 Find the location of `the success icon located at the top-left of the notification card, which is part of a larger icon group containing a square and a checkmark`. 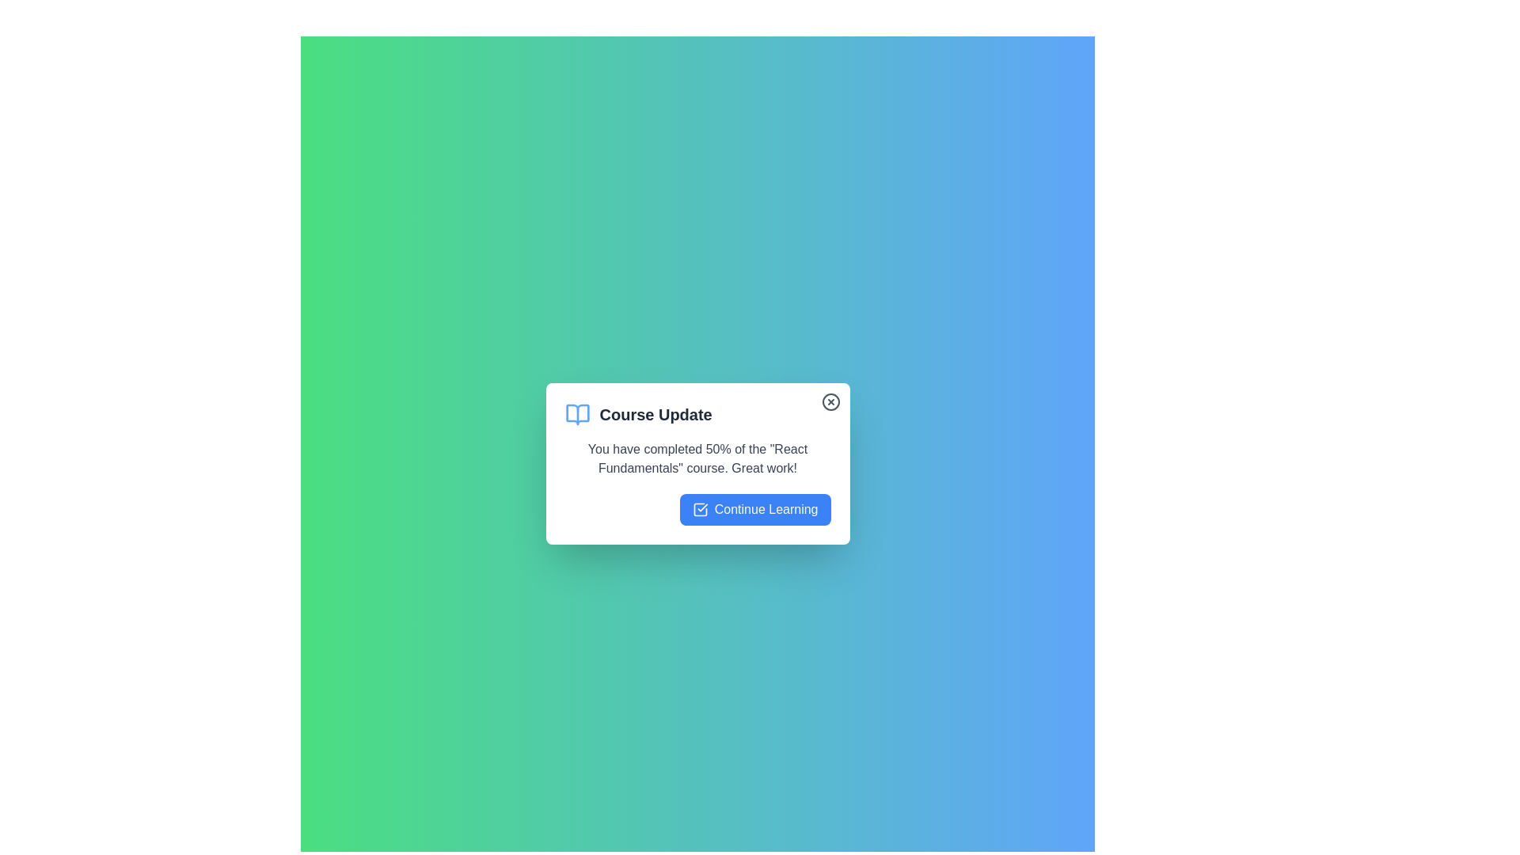

the success icon located at the top-left of the notification card, which is part of a larger icon group containing a square and a checkmark is located at coordinates (699, 510).